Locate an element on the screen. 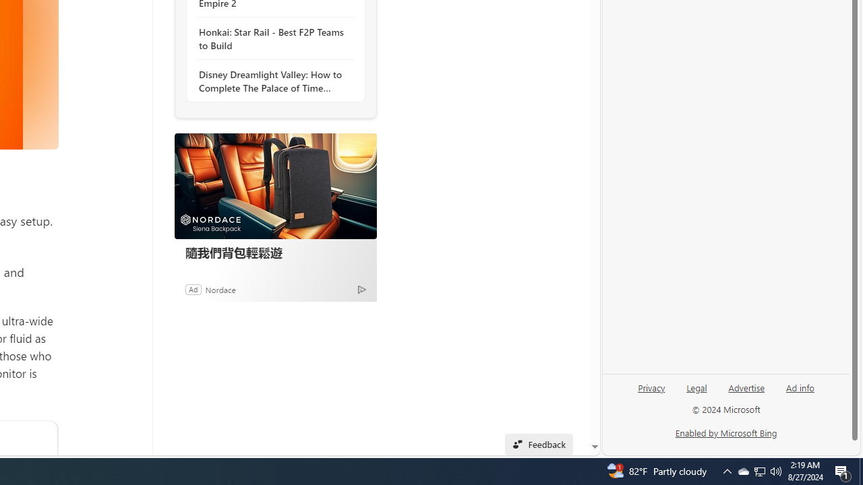 This screenshot has height=485, width=863. 'Privacy' is located at coordinates (651, 387).